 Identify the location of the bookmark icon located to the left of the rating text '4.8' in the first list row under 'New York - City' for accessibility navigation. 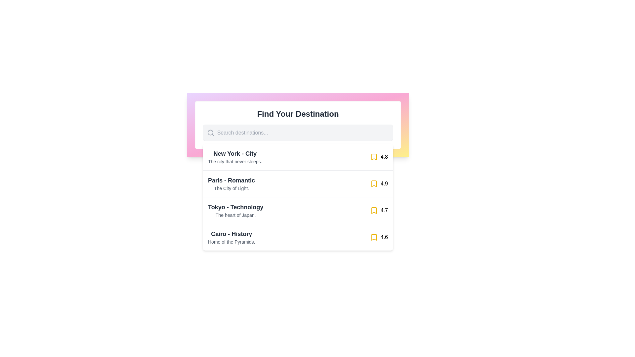
(374, 157).